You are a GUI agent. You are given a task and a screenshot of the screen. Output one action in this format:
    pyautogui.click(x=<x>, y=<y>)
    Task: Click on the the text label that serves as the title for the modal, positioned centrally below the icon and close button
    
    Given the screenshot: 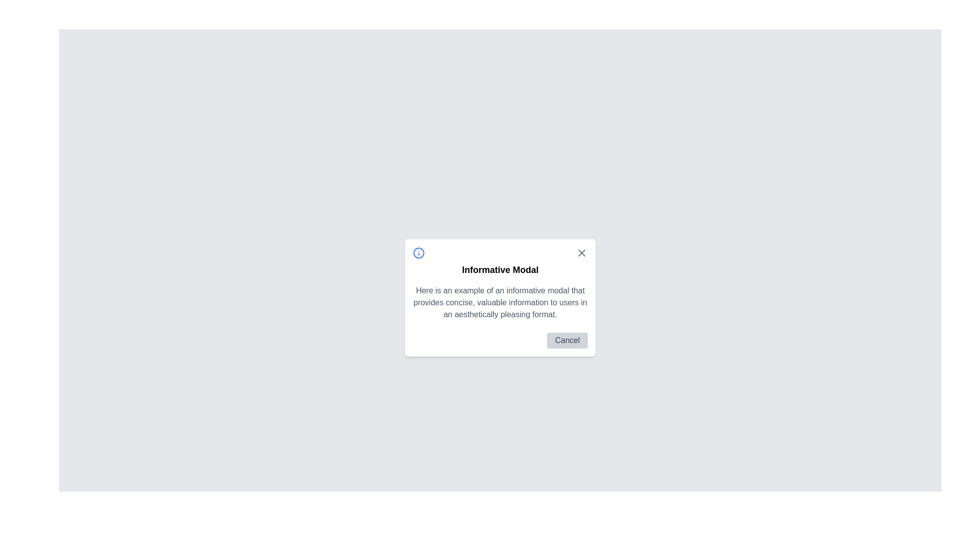 What is the action you would take?
    pyautogui.click(x=500, y=270)
    